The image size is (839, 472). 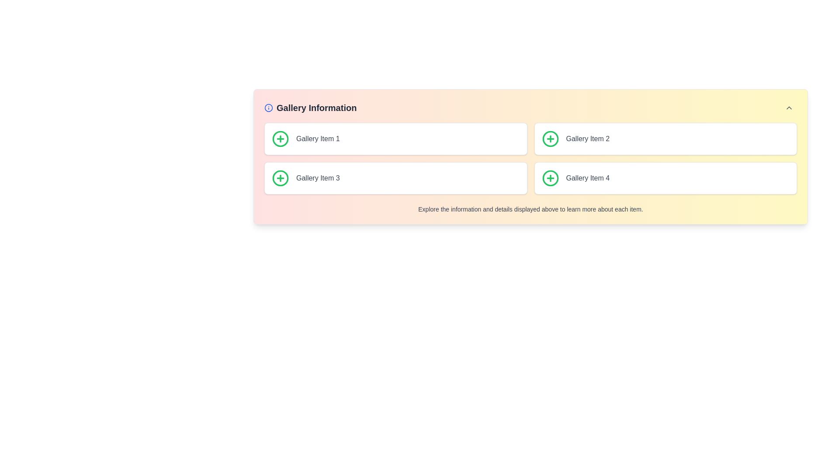 What do you see at coordinates (665, 138) in the screenshot?
I see `details of the gallery item card located at the second tile in the grid layout, which is positioned in the top-right corner and adjacent to 'Gallery Item 1' to its left` at bounding box center [665, 138].